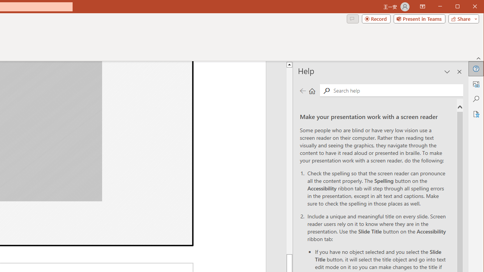 The height and width of the screenshot is (272, 484). What do you see at coordinates (447, 72) in the screenshot?
I see `'Task Pane Options'` at bounding box center [447, 72].